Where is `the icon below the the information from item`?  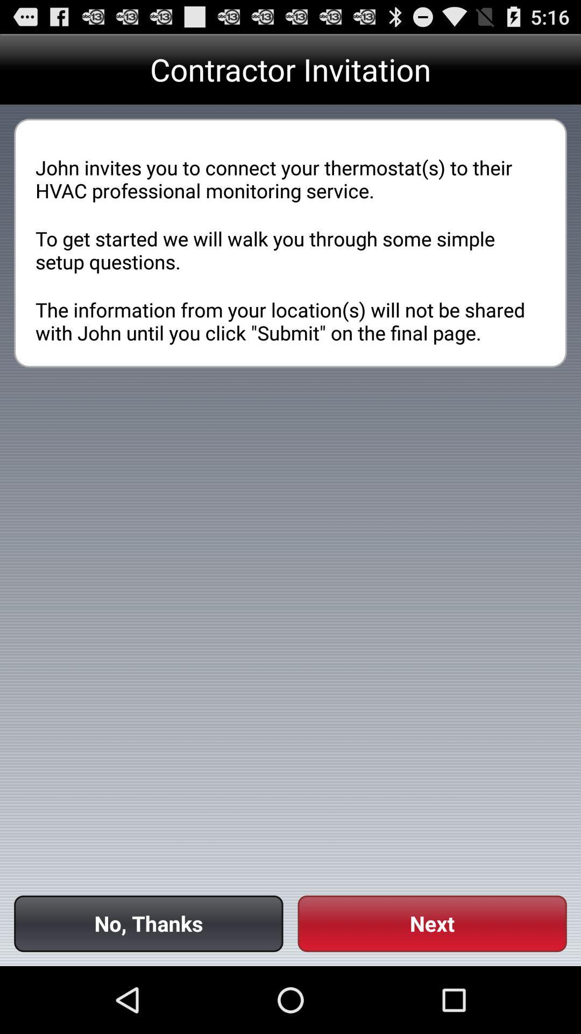 the icon below the the information from item is located at coordinates (148, 923).